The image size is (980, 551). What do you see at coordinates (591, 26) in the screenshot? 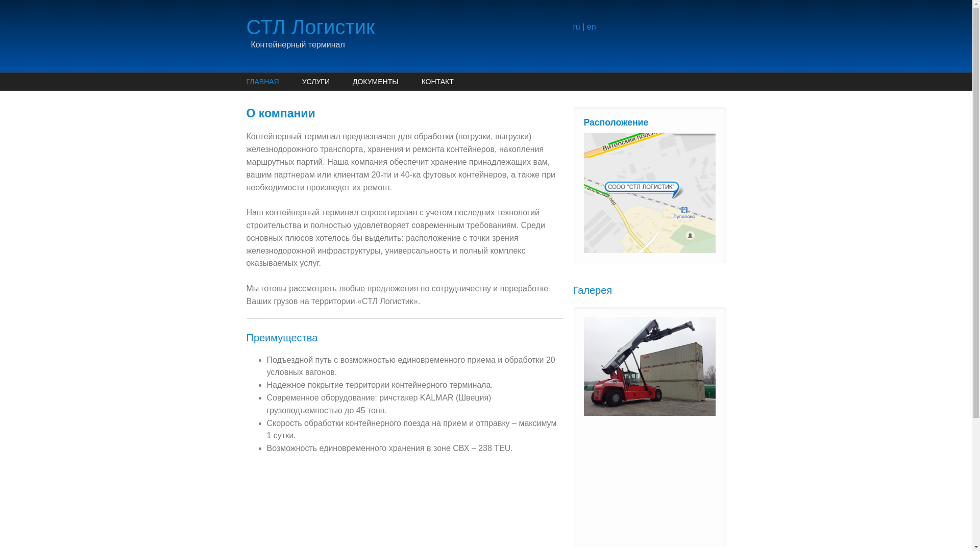
I see `'en'` at bounding box center [591, 26].